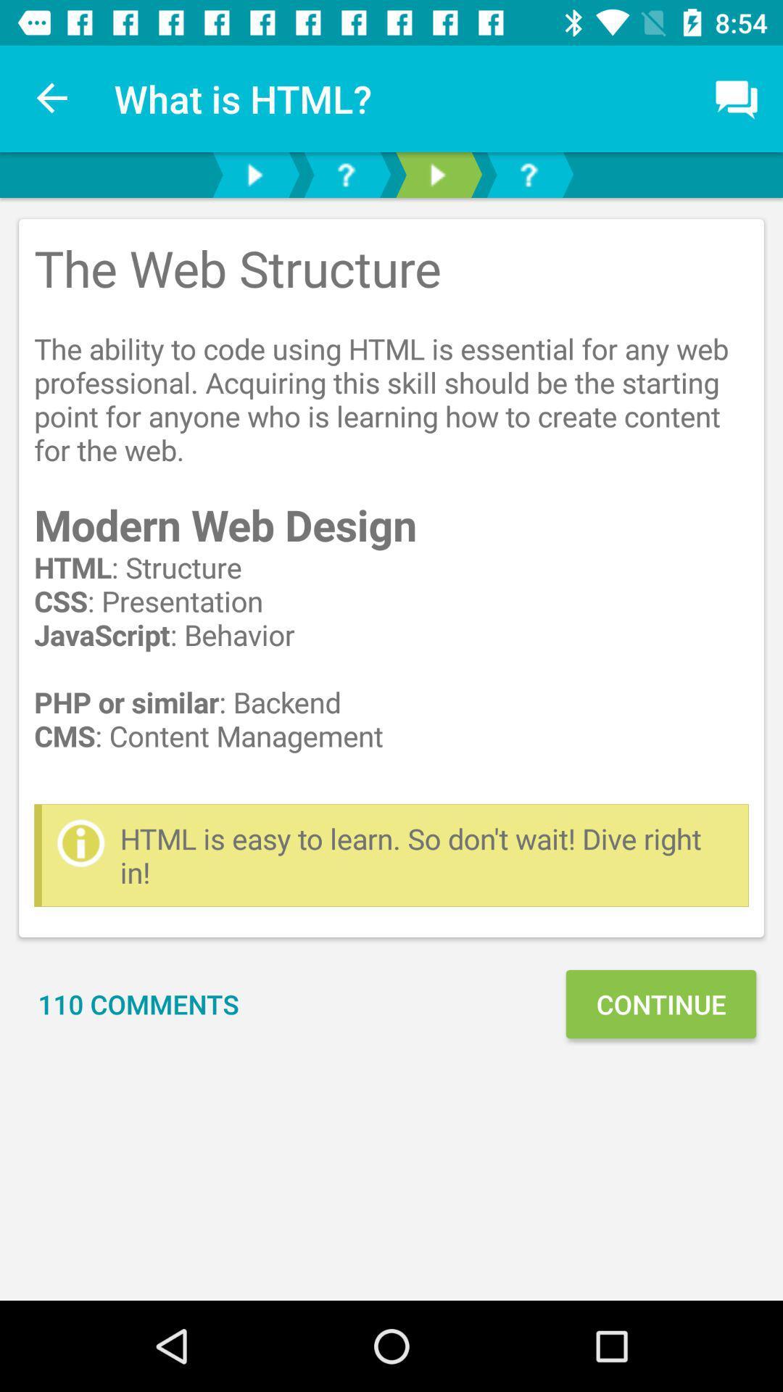 This screenshot has height=1392, width=783. Describe the element at coordinates (346, 174) in the screenshot. I see `question mark option` at that location.